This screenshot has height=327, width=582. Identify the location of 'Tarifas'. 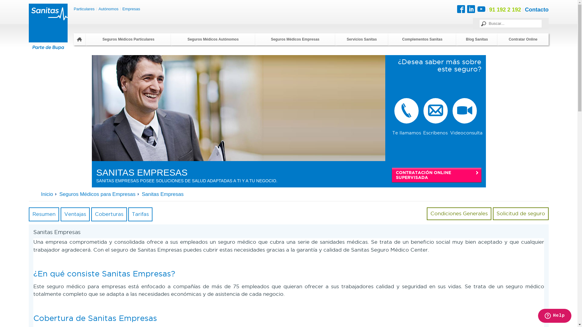
(140, 214).